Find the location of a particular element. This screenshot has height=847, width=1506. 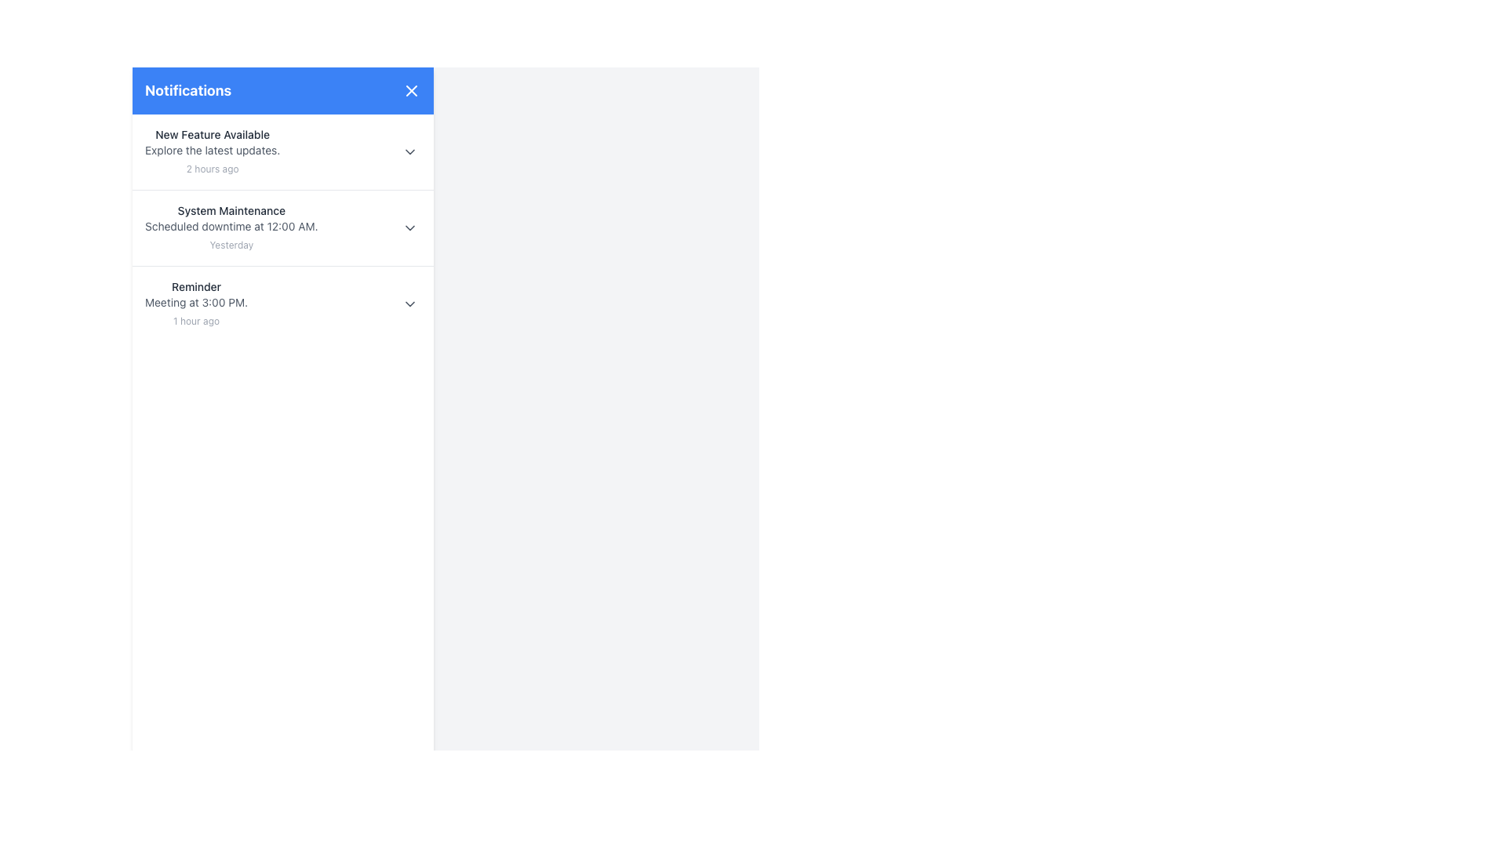

the Text label that indicates the time elapsed since the notification was received within the 'New Feature Available' notification card is located at coordinates (212, 169).